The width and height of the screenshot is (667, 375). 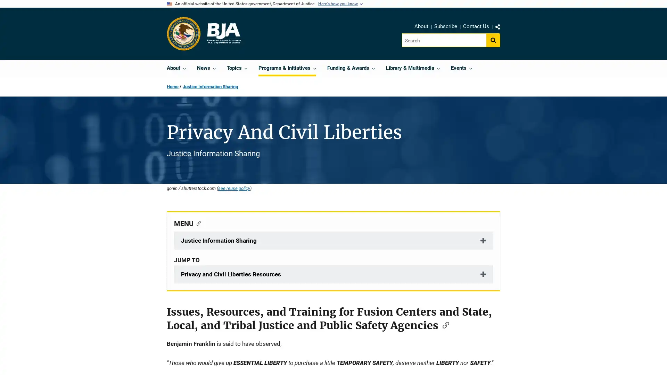 I want to click on Topics, so click(x=237, y=68).